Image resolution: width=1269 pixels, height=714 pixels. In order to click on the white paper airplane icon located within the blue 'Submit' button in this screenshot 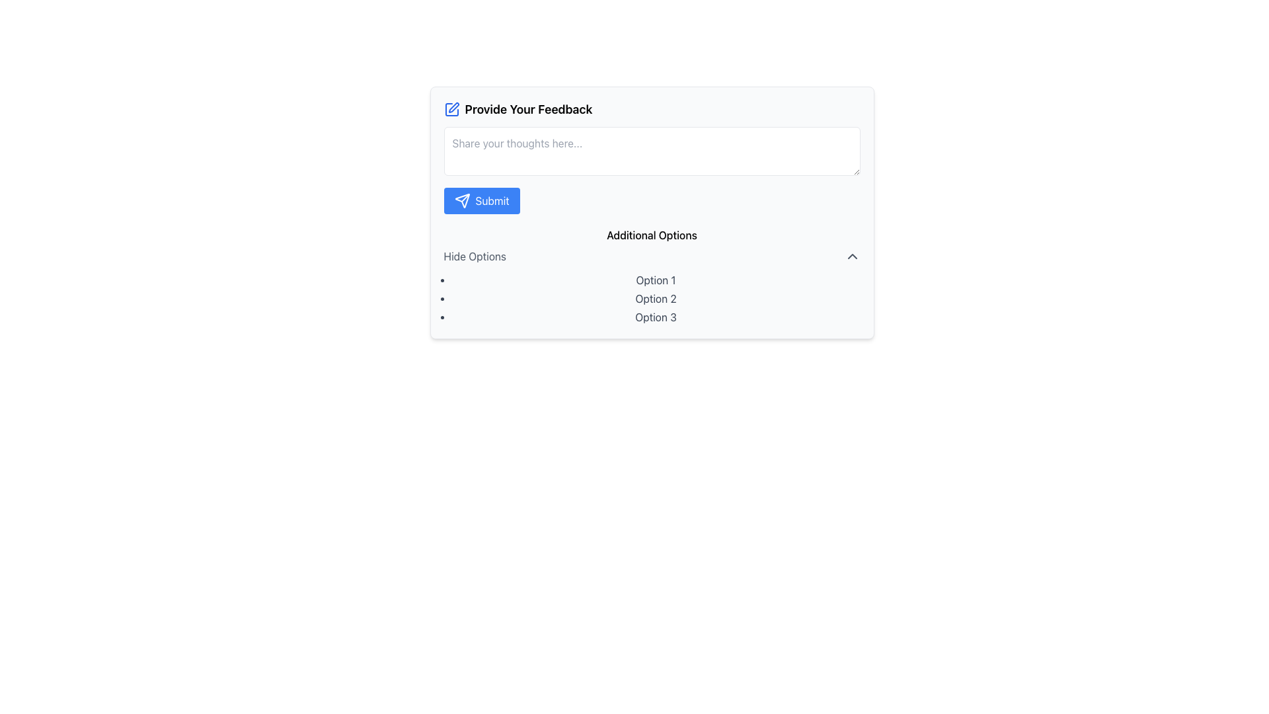, I will do `click(462, 201)`.